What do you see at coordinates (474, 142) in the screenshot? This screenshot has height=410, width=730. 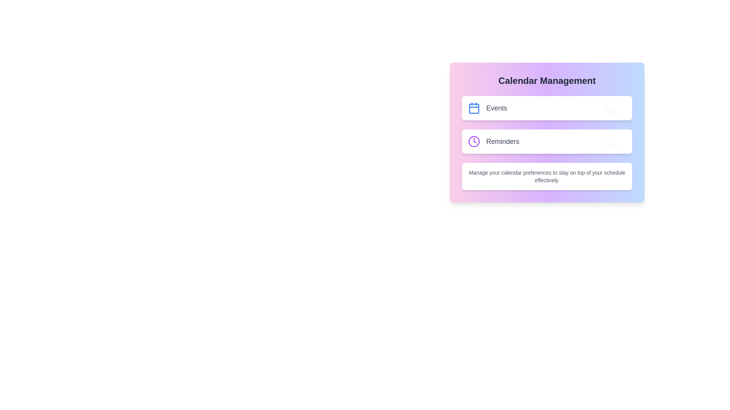 I see `the 'Clock' icon to focus on the reminders setting` at bounding box center [474, 142].